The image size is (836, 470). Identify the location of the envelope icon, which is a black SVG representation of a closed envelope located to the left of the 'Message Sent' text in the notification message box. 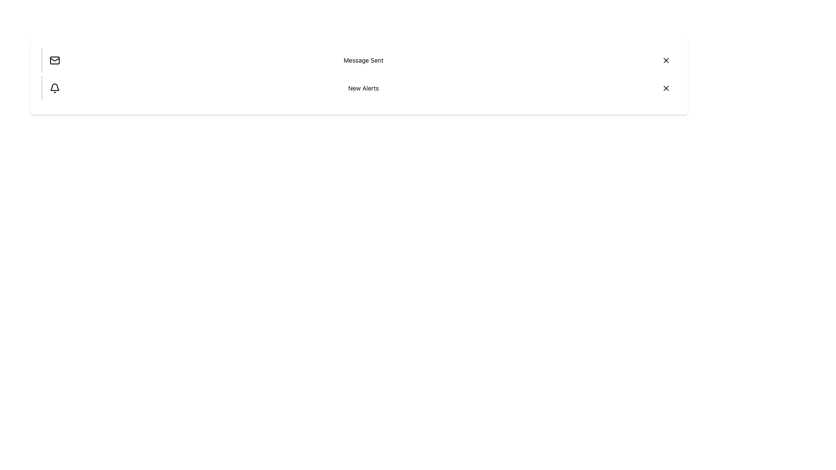
(54, 60).